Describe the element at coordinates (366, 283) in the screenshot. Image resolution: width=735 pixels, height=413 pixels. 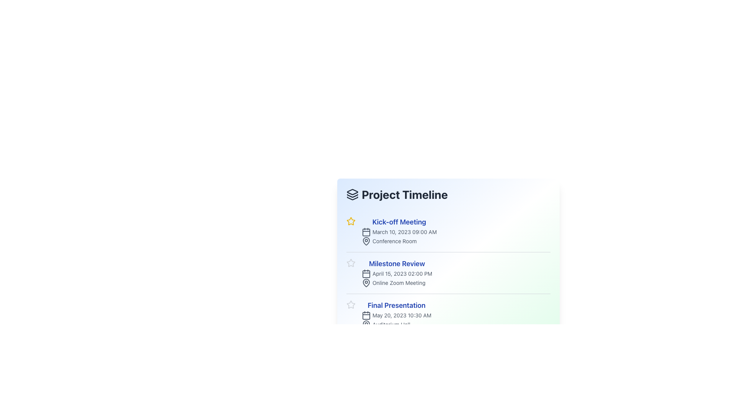
I see `the map pin icon at the beginning of the 'Online Zoom Meeting' row, which is styled as an outline and rendered in a dark color` at that location.